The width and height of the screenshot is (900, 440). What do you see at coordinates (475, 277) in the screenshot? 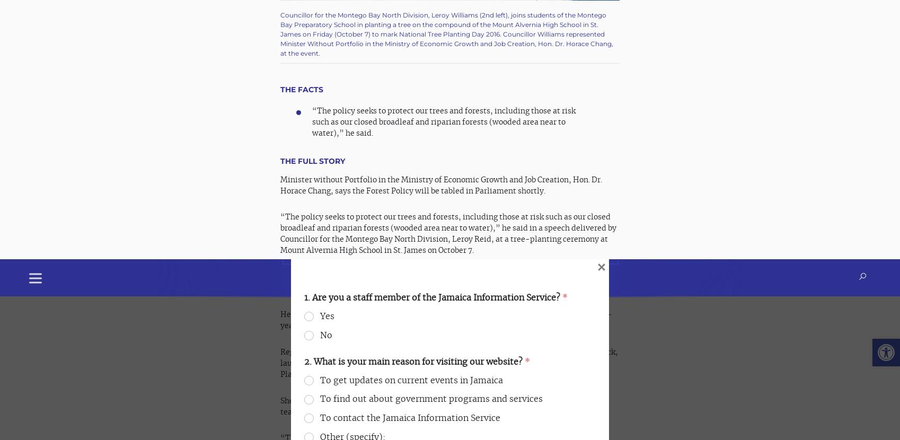
I see `'Corporate'` at bounding box center [475, 277].